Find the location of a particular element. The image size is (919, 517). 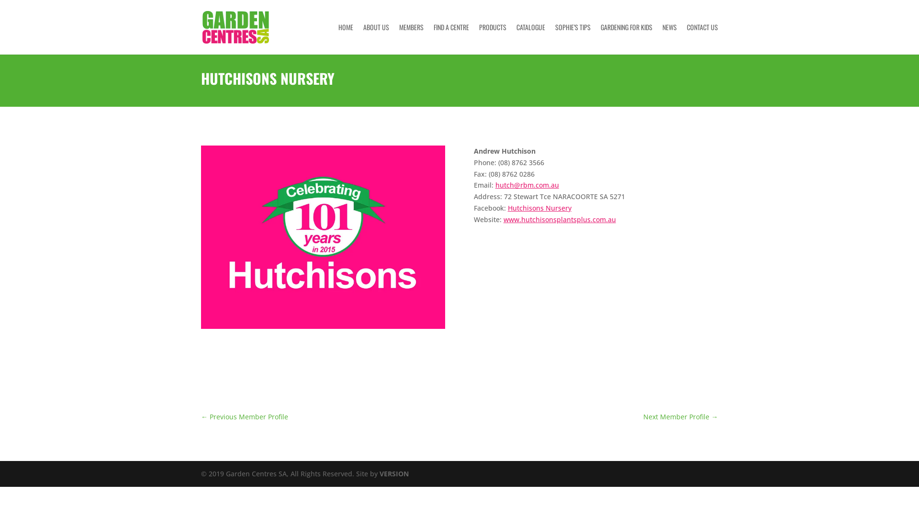

'HOME' is located at coordinates (345, 38).